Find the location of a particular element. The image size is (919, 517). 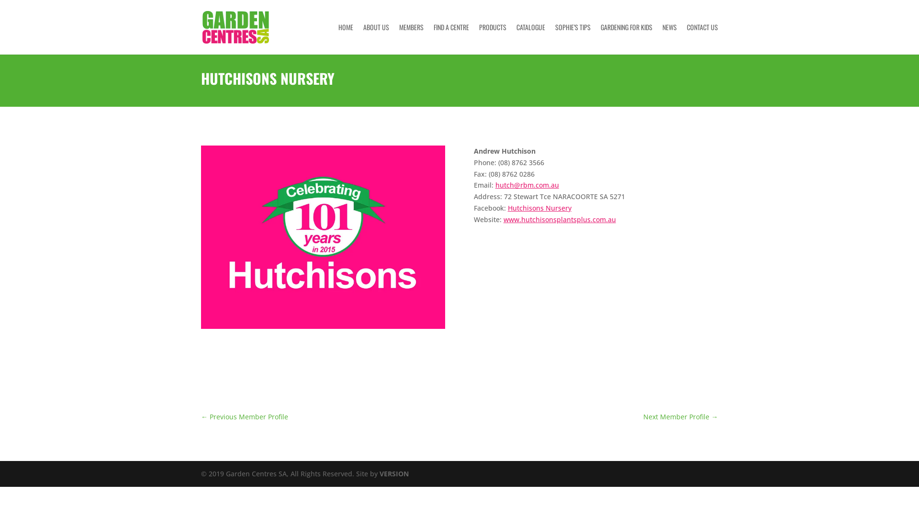

'HOME' is located at coordinates (345, 38).